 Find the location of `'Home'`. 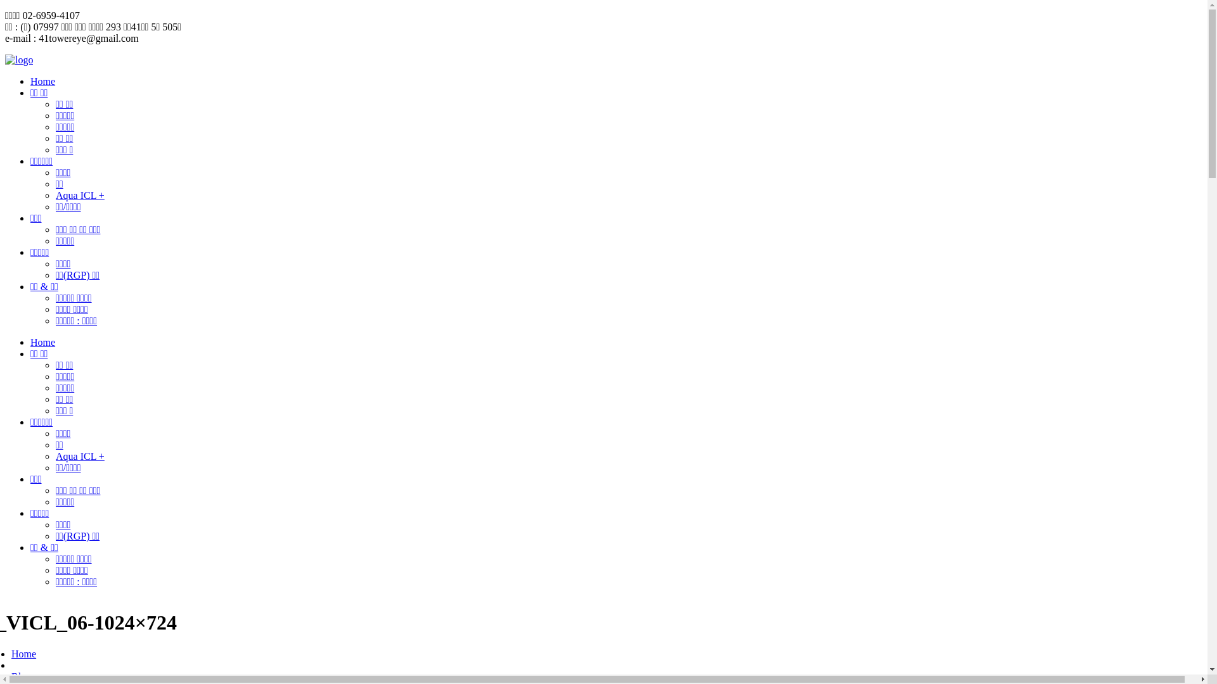

'Home' is located at coordinates (23, 654).